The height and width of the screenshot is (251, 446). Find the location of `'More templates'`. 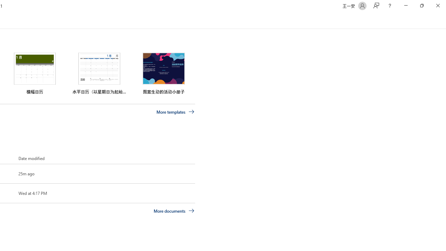

'More templates' is located at coordinates (175, 112).